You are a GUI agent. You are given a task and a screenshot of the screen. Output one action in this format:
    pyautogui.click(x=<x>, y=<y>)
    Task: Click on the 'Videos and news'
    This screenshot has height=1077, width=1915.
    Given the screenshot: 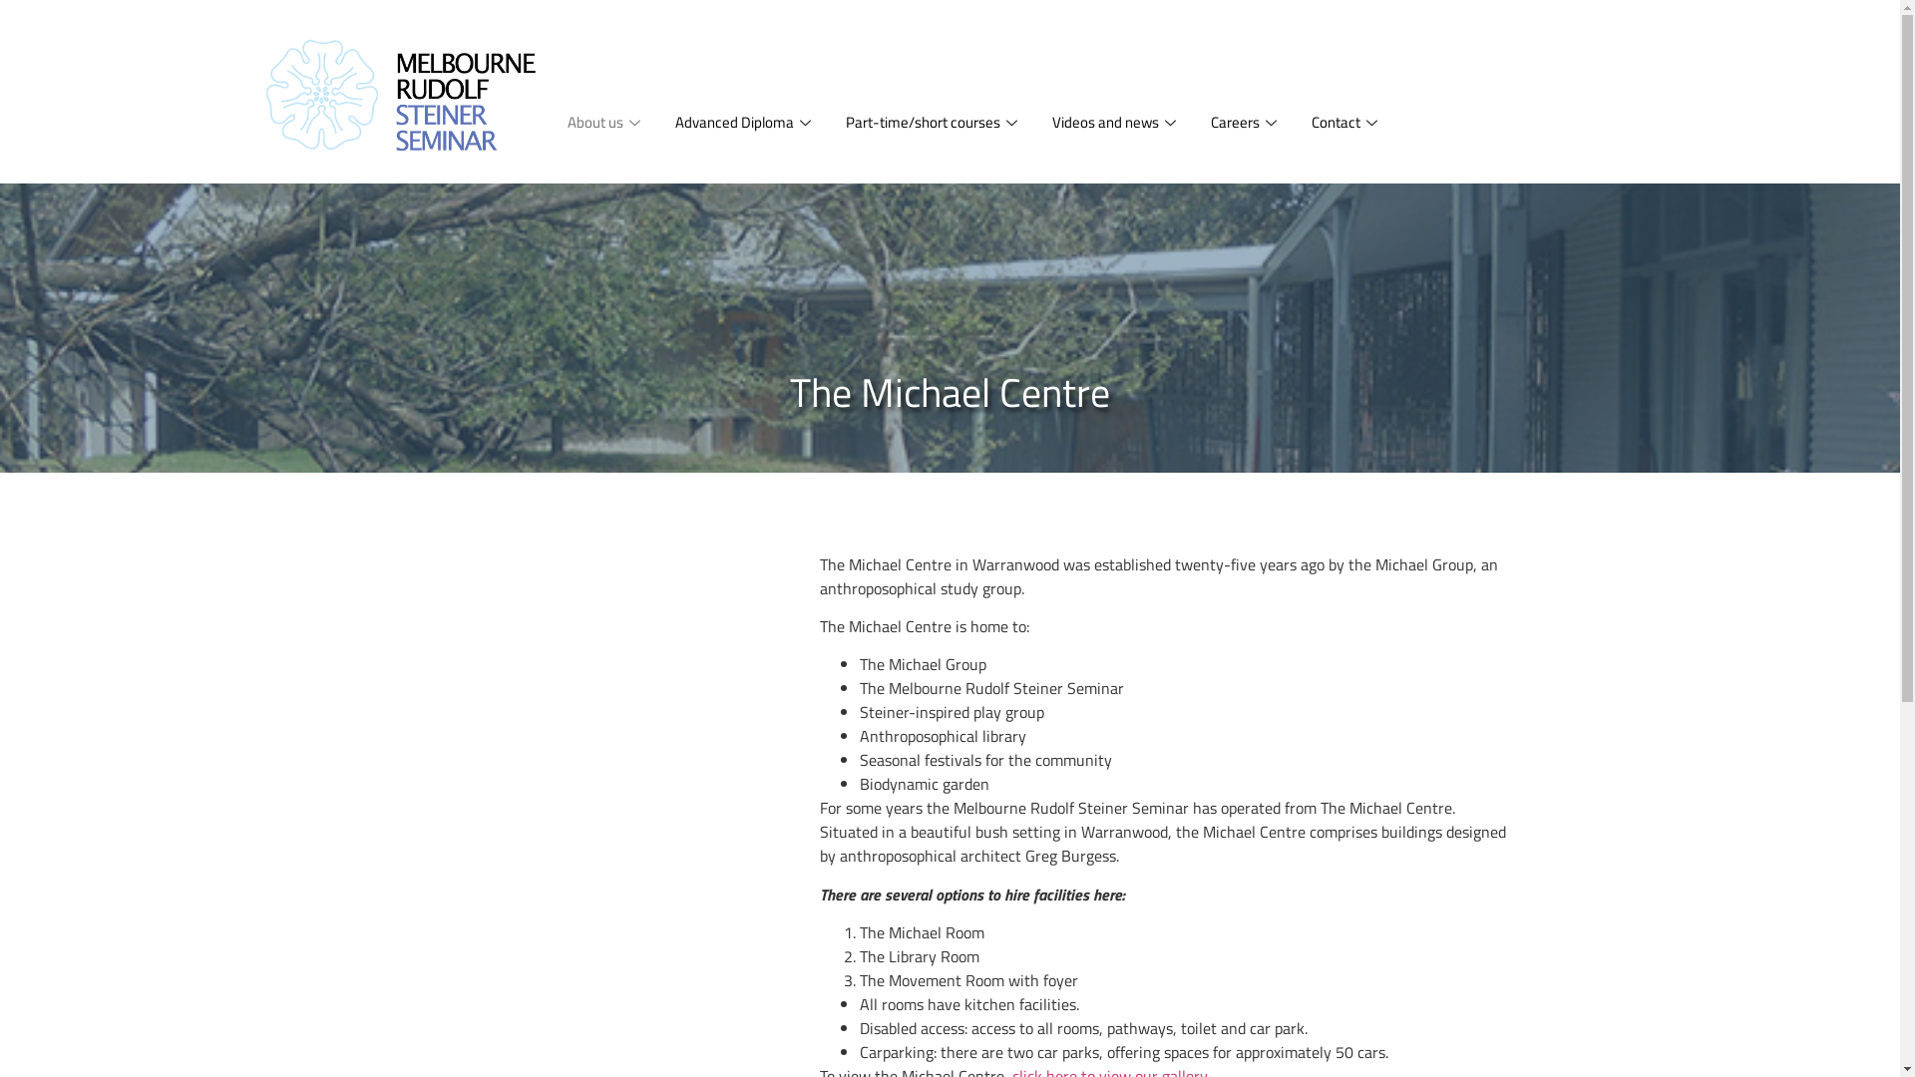 What is the action you would take?
    pyautogui.click(x=1115, y=123)
    